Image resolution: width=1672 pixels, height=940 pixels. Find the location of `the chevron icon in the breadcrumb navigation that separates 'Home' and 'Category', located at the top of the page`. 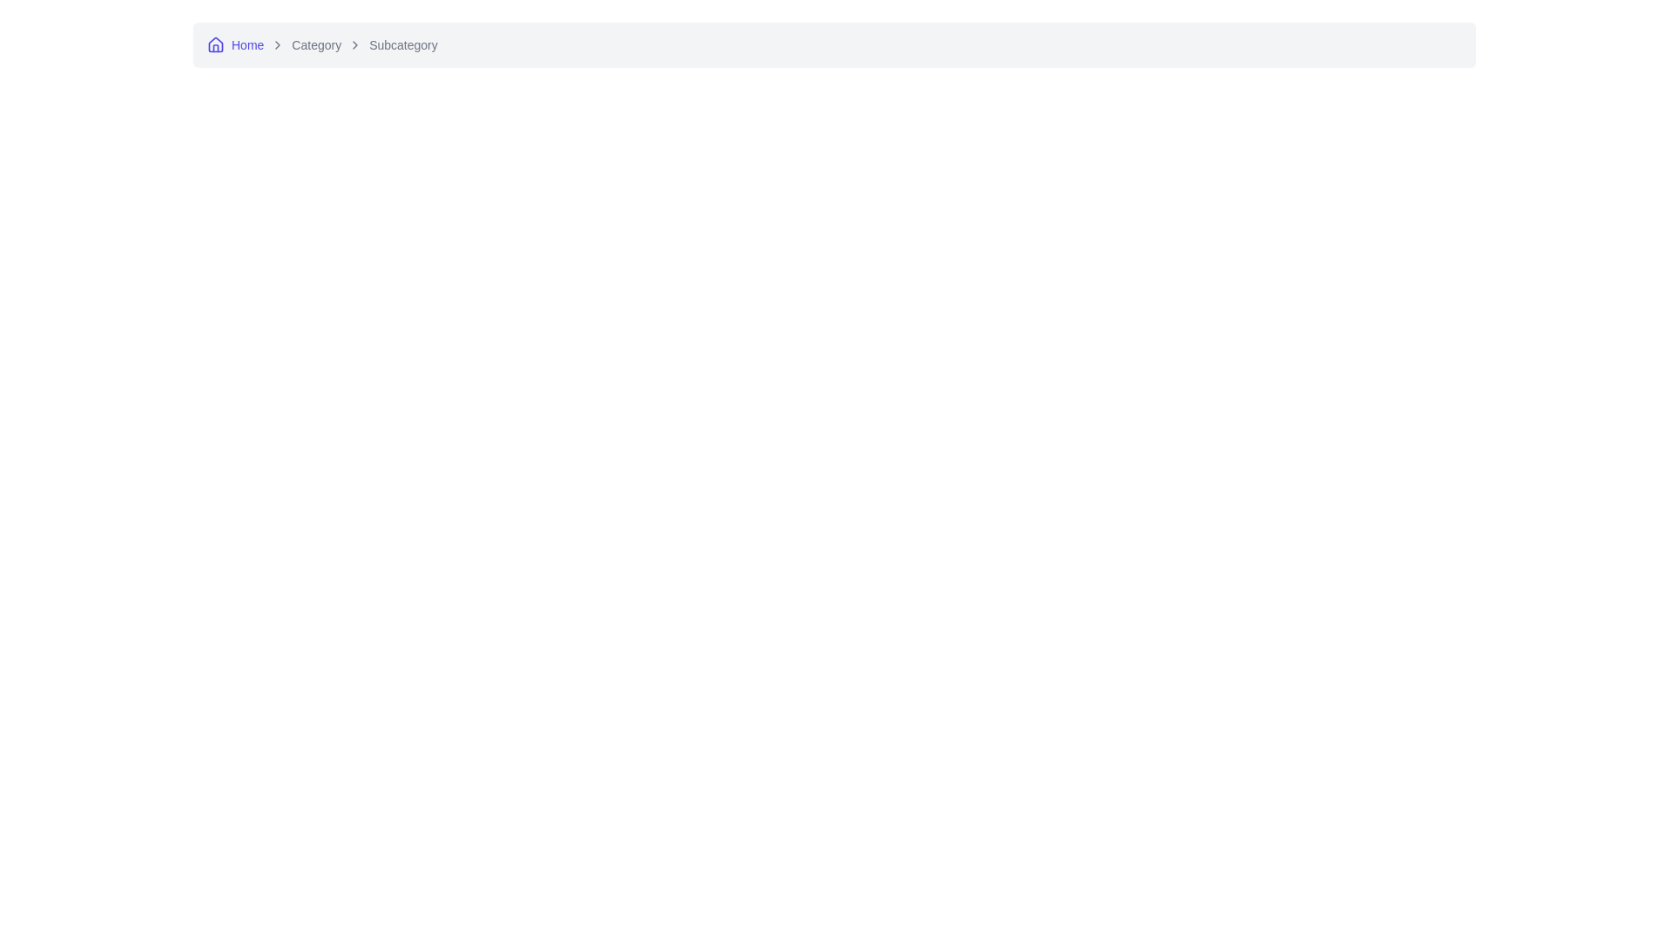

the chevron icon in the breadcrumb navigation that separates 'Home' and 'Category', located at the top of the page is located at coordinates (277, 44).